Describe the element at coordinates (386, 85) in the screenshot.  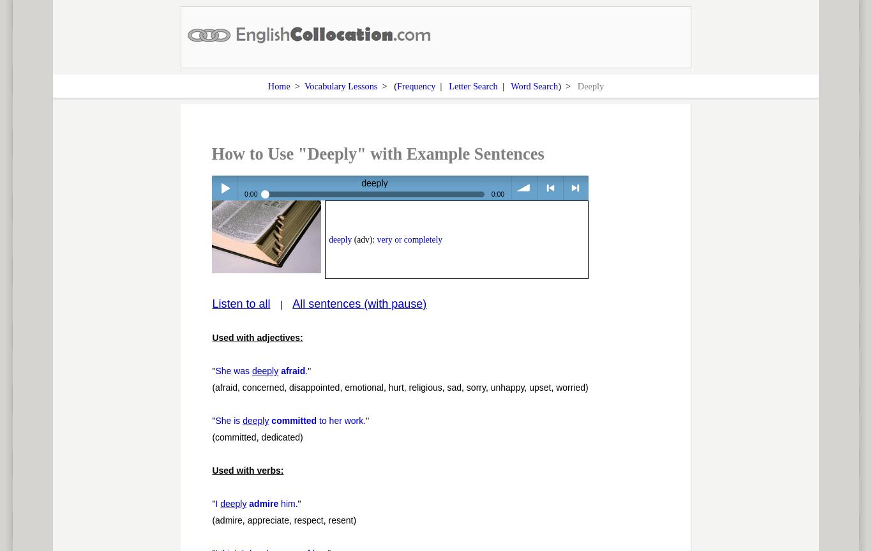
I see `'>  
									('` at that location.